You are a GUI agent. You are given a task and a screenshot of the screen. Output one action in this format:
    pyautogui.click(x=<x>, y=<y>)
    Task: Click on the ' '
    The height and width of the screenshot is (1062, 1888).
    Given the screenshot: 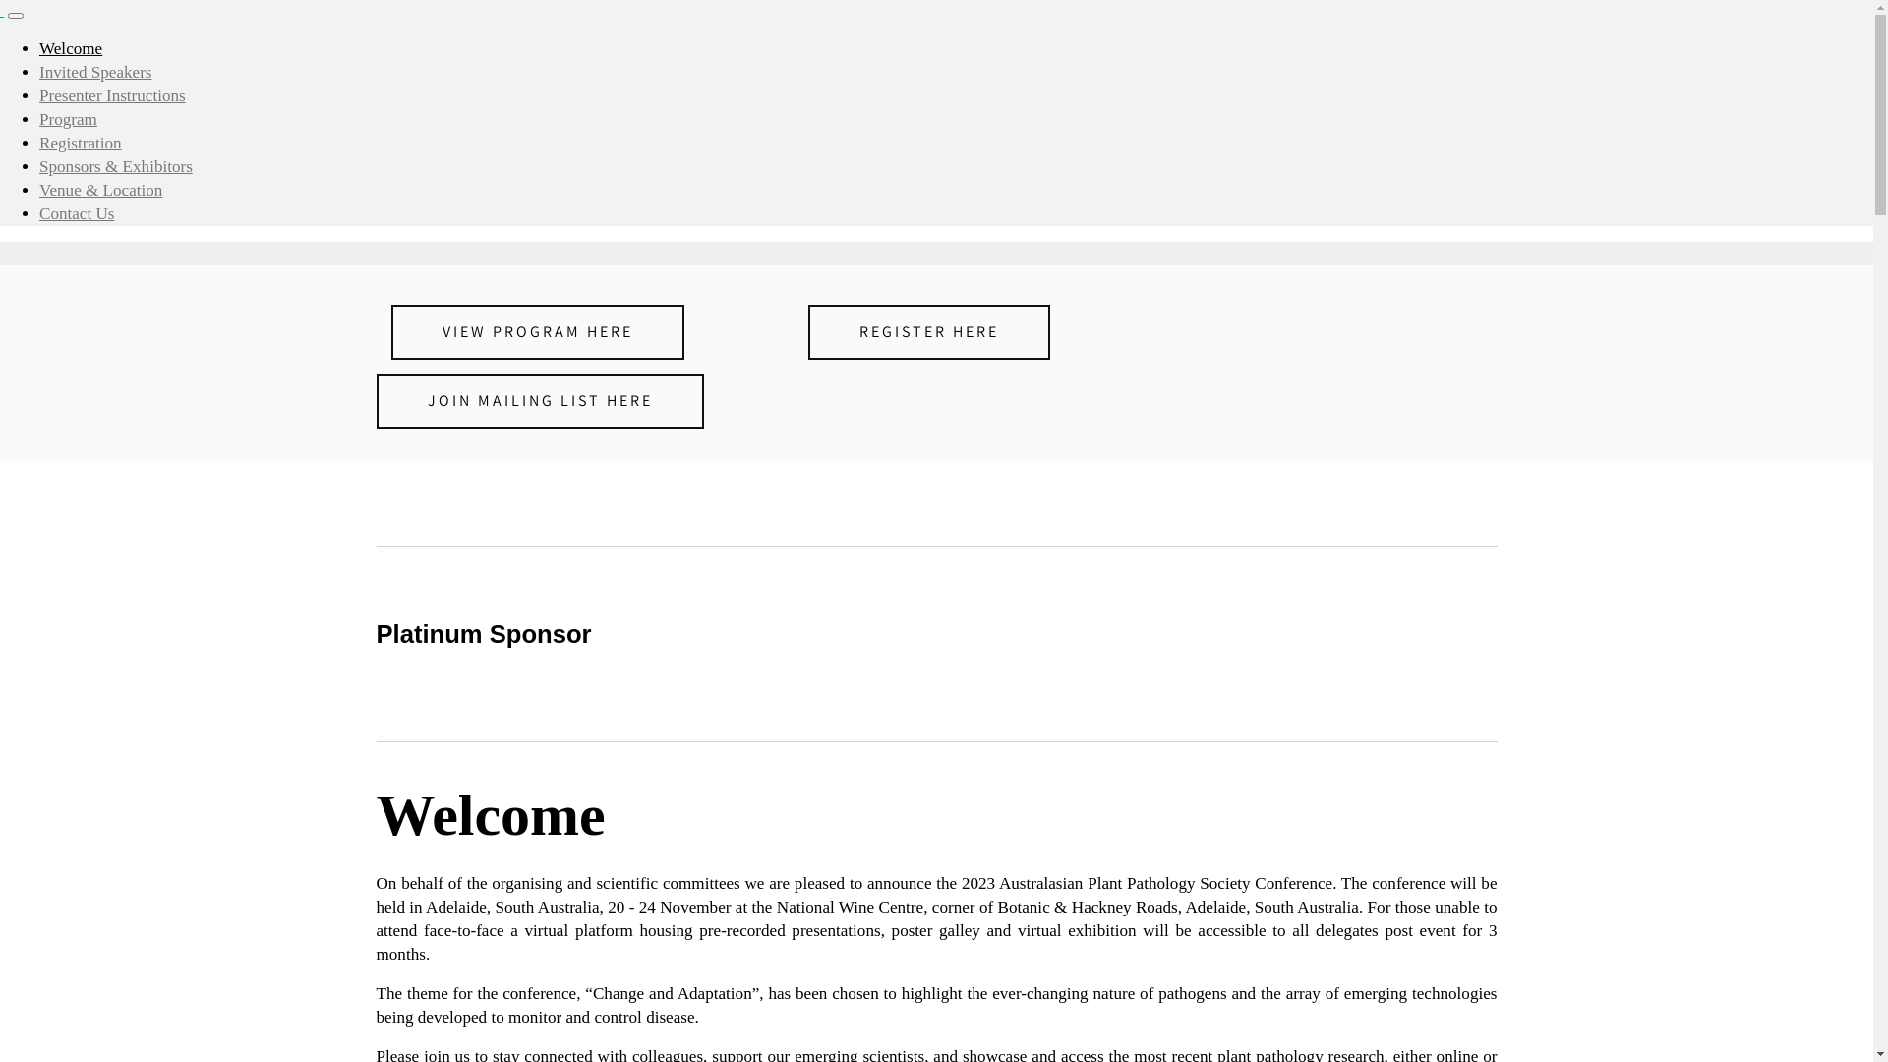 What is the action you would take?
    pyautogui.click(x=1, y=10)
    